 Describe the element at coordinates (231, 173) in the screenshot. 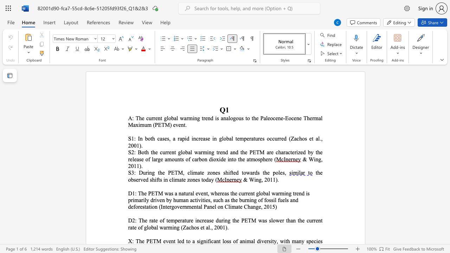

I see `the space between the continuous character "f" and "t" in the text` at that location.